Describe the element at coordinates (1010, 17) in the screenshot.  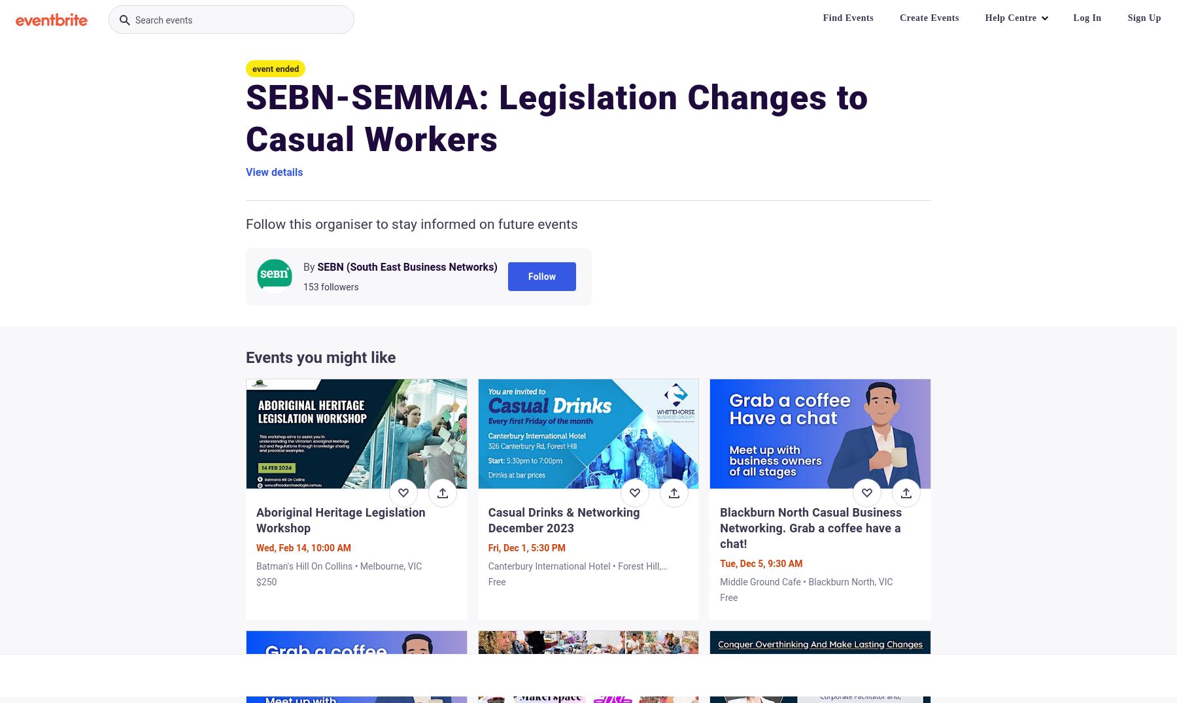
I see `'Help Centre'` at that location.